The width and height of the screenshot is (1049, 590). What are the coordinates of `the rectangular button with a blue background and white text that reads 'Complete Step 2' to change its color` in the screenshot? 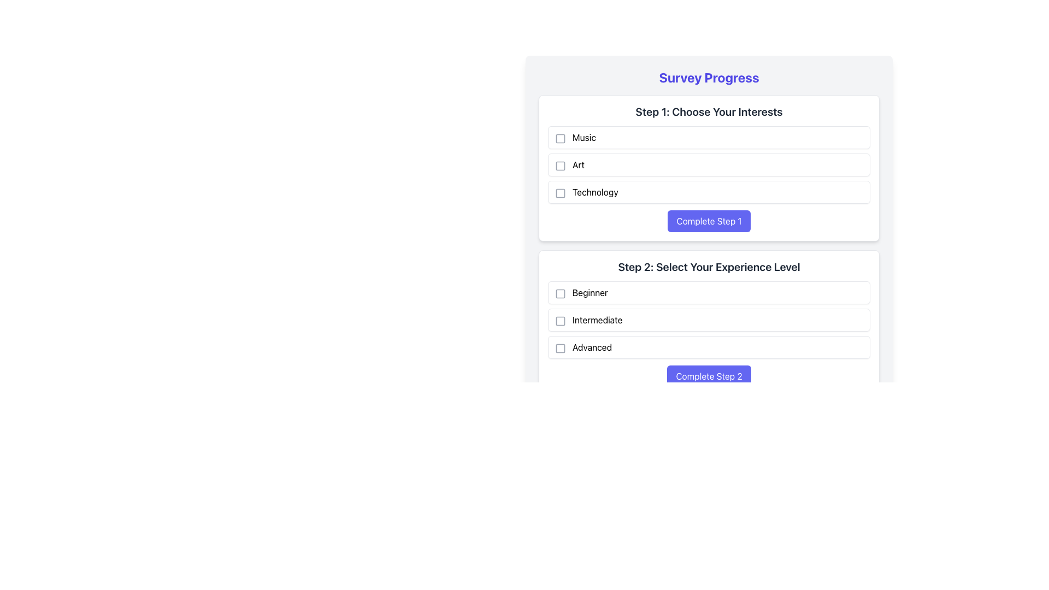 It's located at (709, 376).